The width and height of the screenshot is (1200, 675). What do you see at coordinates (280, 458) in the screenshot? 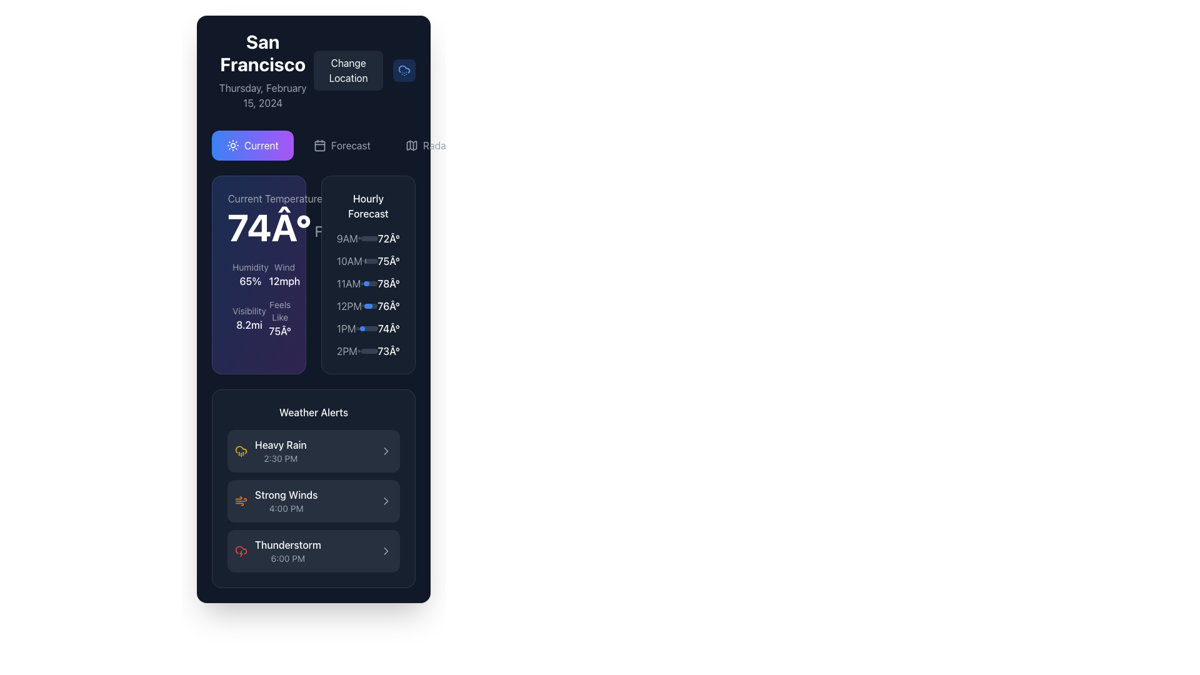
I see `the information displayed in the 'Heavy Rain' weather alert text label, which is the second line of text in the first alert entry within the 'Weather Alerts' section of the app` at bounding box center [280, 458].